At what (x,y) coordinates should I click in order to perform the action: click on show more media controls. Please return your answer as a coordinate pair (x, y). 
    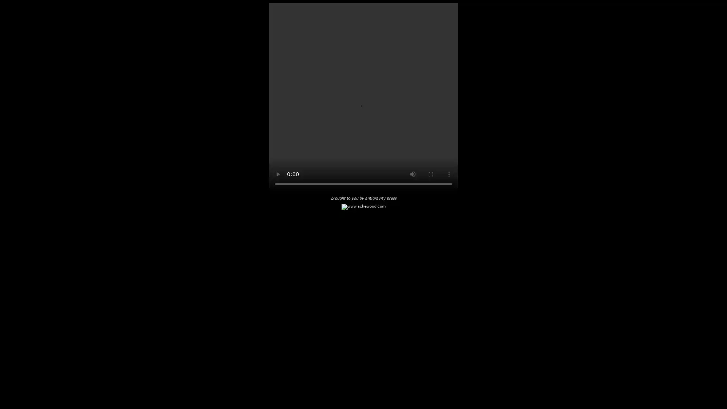
    Looking at the image, I should click on (449, 174).